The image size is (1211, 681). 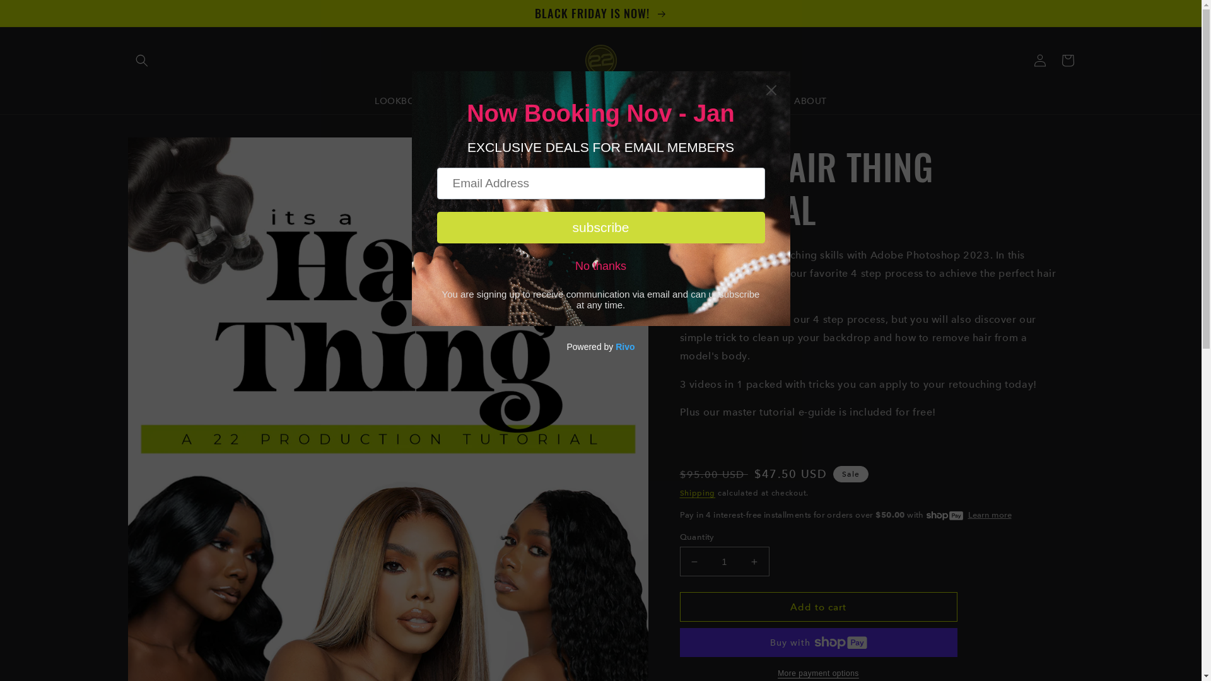 What do you see at coordinates (401, 100) in the screenshot?
I see `'LOOKBOOK'` at bounding box center [401, 100].